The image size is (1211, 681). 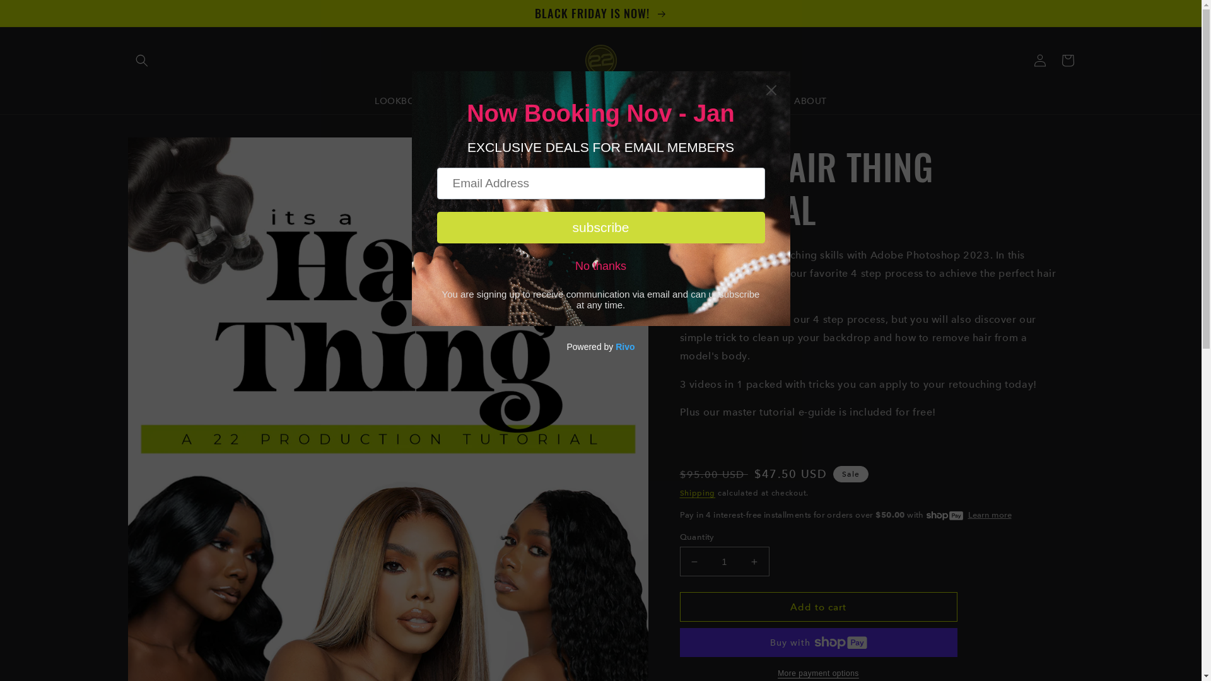 What do you see at coordinates (401, 100) in the screenshot?
I see `'LOOKBOOK'` at bounding box center [401, 100].